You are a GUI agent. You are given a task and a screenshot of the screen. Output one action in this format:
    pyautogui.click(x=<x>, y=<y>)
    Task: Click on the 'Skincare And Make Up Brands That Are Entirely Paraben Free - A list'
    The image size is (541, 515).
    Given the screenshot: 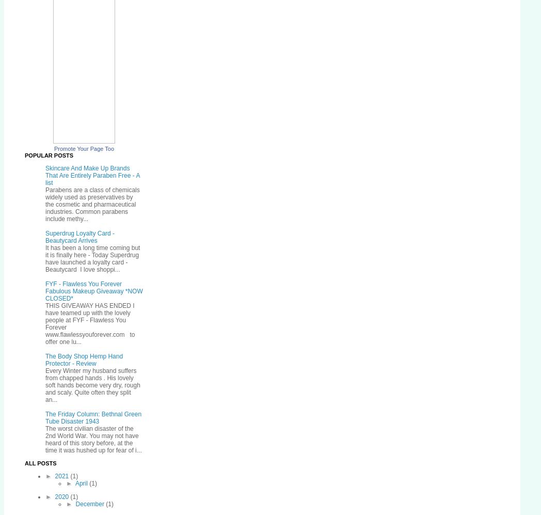 What is the action you would take?
    pyautogui.click(x=45, y=175)
    